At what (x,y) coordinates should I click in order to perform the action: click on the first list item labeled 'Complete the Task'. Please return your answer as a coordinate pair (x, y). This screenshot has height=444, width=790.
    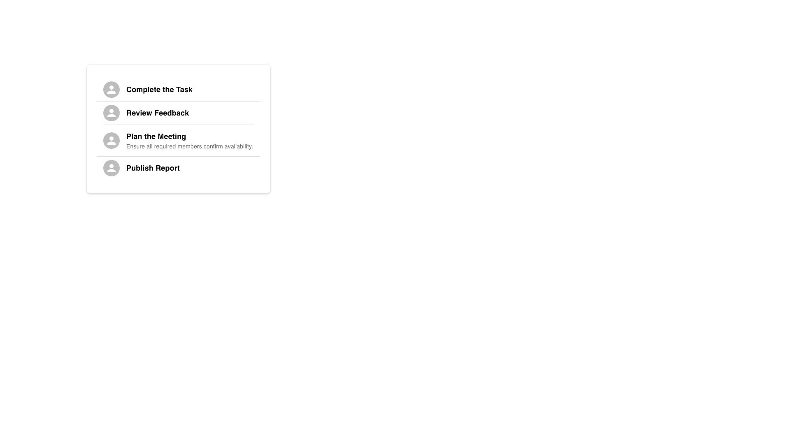
    Looking at the image, I should click on (178, 90).